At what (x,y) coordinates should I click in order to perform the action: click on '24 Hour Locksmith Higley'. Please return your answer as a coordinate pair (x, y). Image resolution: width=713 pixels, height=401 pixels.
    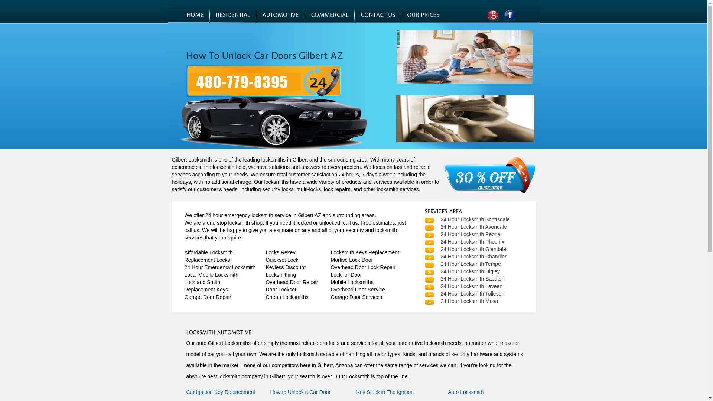
    Looking at the image, I should click on (461, 271).